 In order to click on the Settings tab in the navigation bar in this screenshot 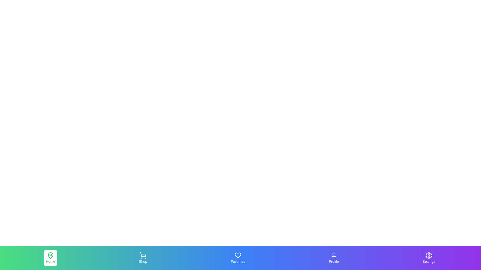, I will do `click(428, 258)`.